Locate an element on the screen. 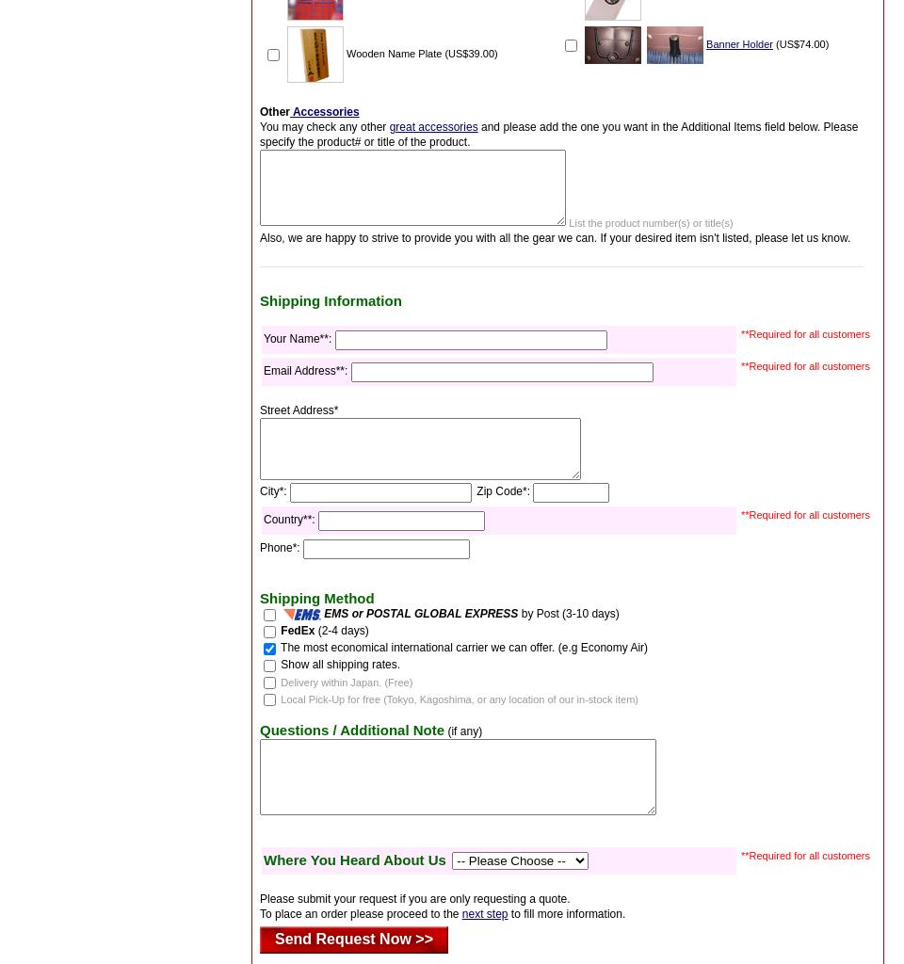 The width and height of the screenshot is (904, 964). '(US$74.00)' is located at coordinates (799, 41).